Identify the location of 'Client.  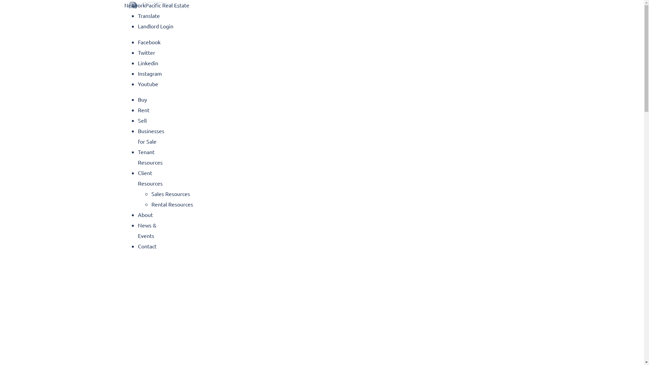
(150, 177).